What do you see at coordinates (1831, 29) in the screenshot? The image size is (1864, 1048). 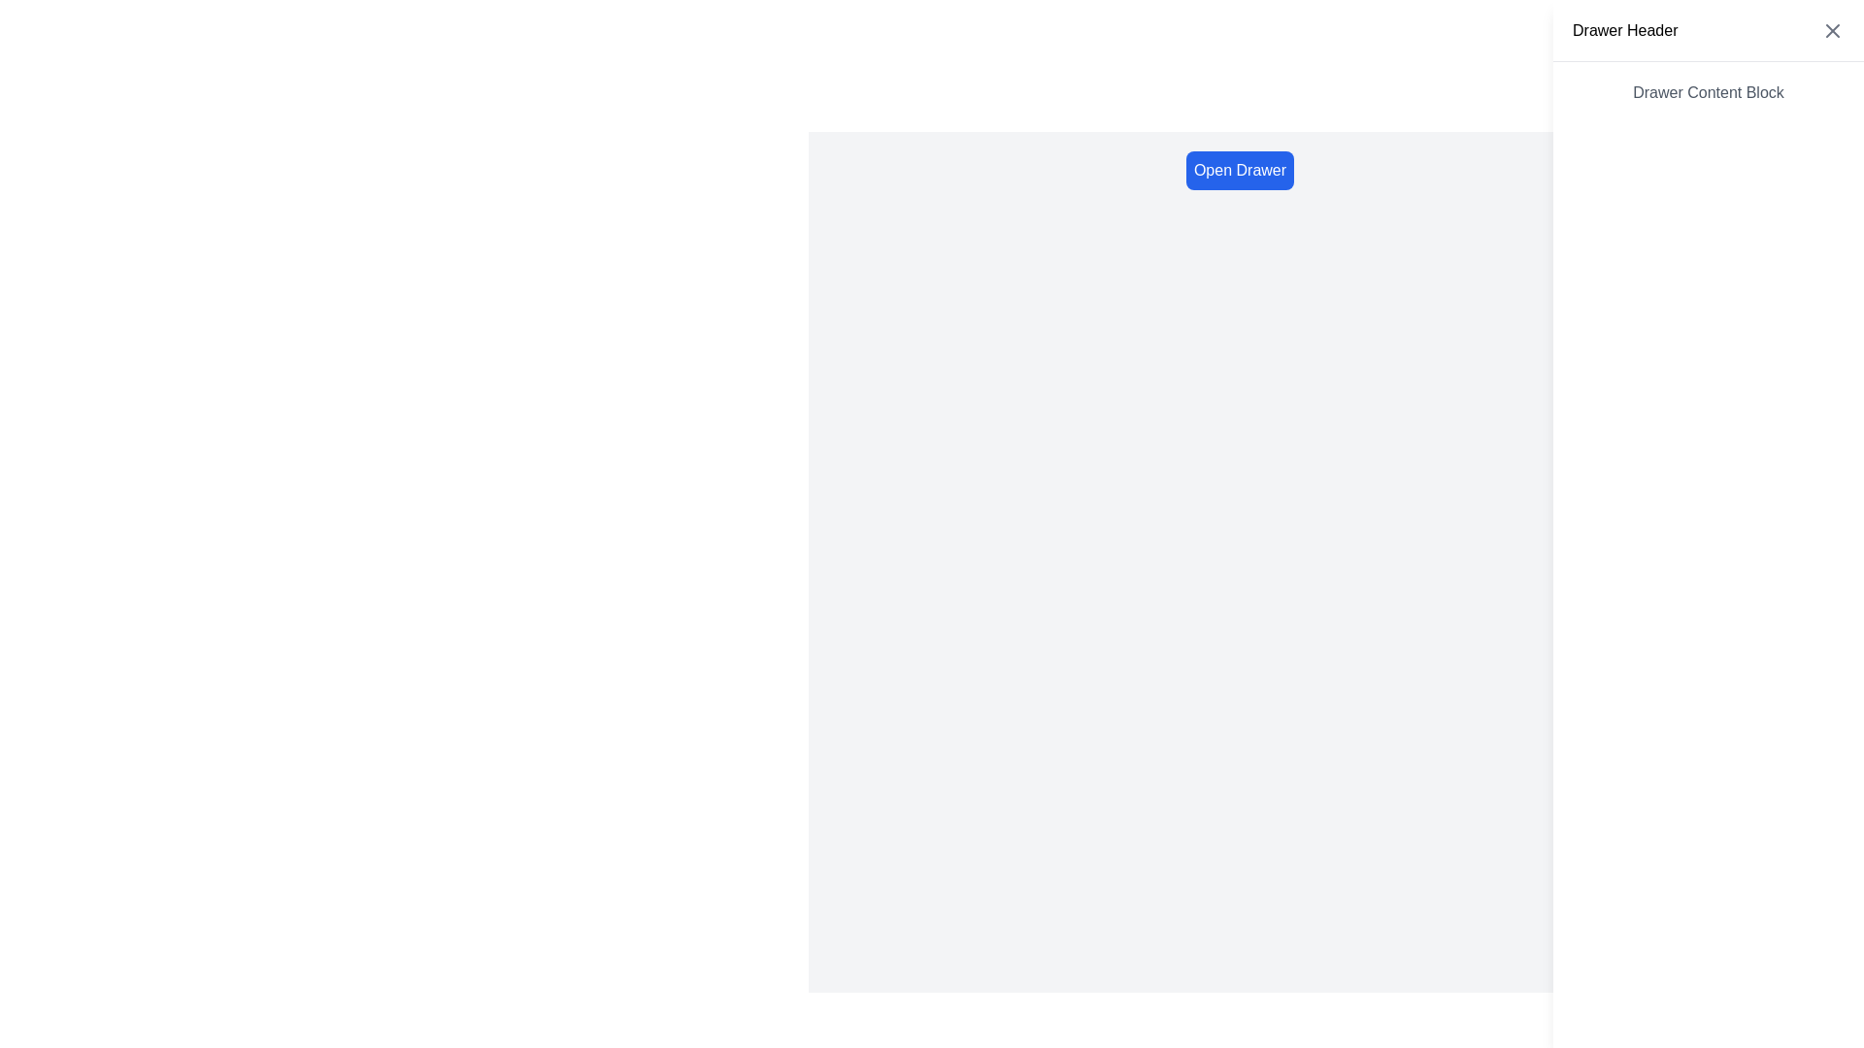 I see `the close icon located in the top-right corner of the Drawer Header section to trigger a tooltip or highlight effect if supported` at bounding box center [1831, 29].